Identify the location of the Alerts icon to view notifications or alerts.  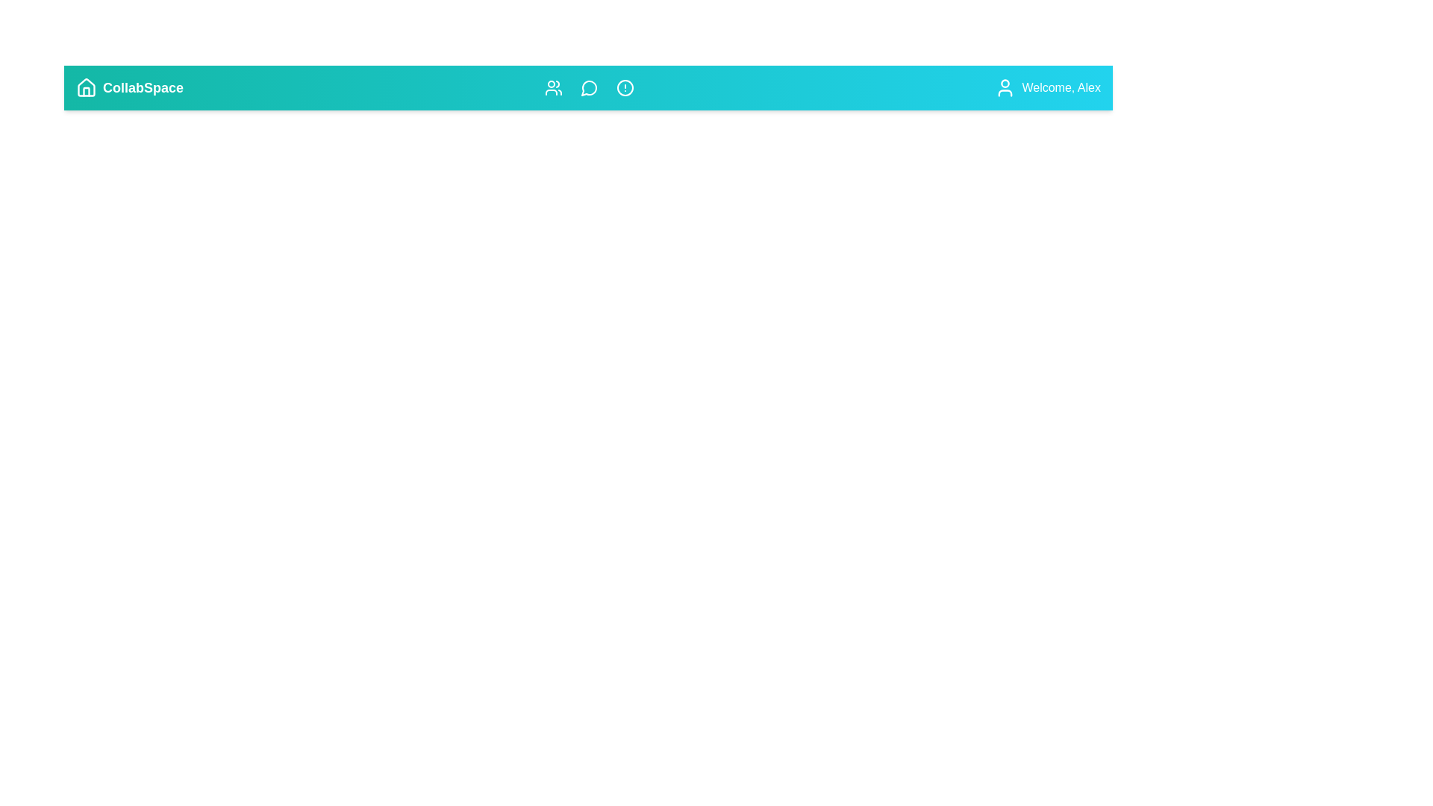
(625, 88).